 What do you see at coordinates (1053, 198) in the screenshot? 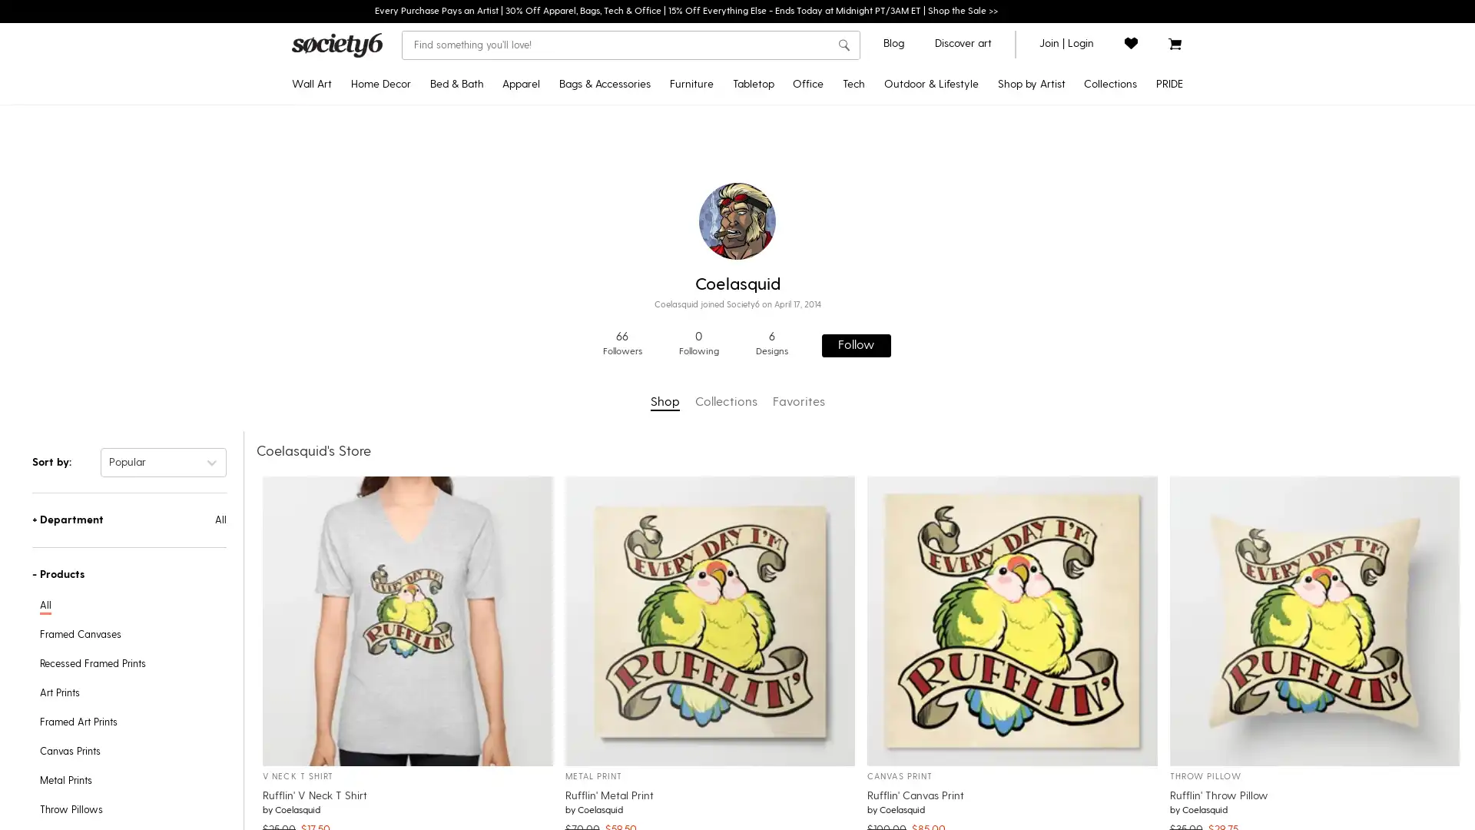
I see `Discover Black Artists` at bounding box center [1053, 198].